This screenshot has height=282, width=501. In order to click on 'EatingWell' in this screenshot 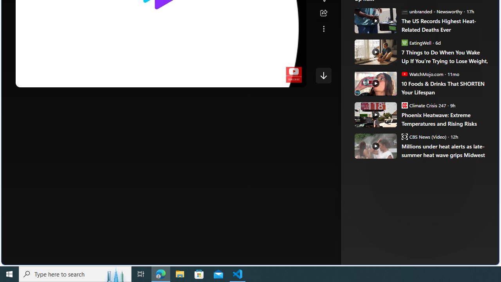, I will do `click(404, 42)`.